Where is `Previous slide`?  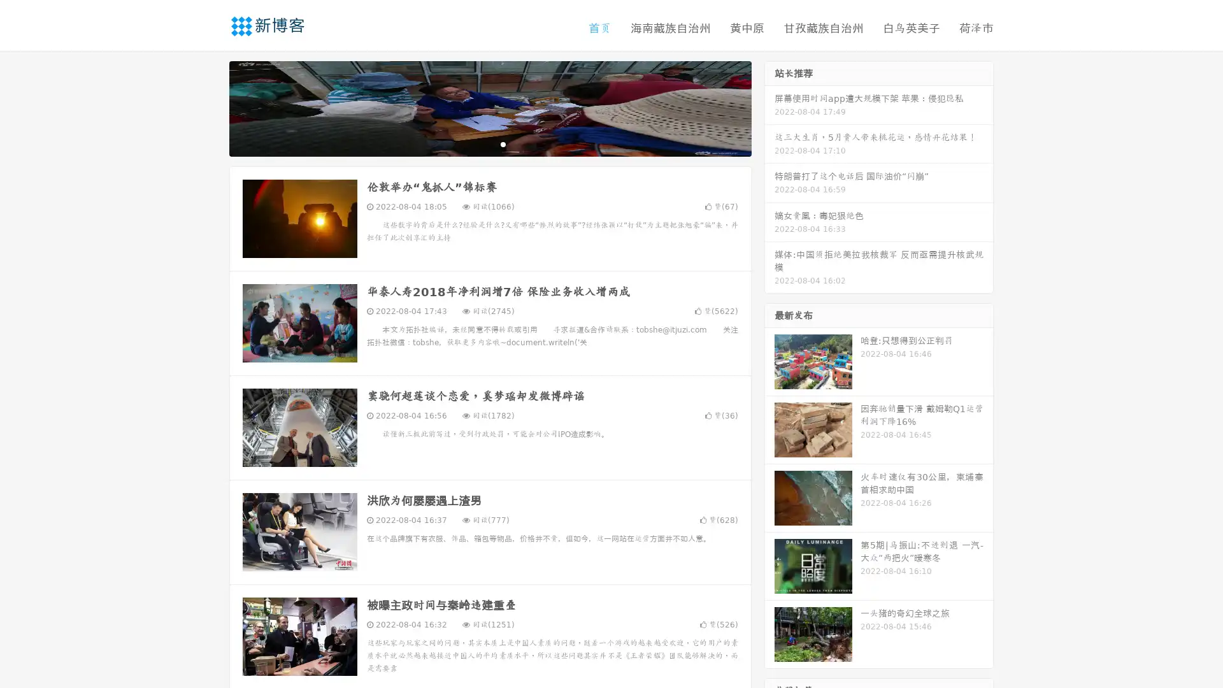
Previous slide is located at coordinates (210, 107).